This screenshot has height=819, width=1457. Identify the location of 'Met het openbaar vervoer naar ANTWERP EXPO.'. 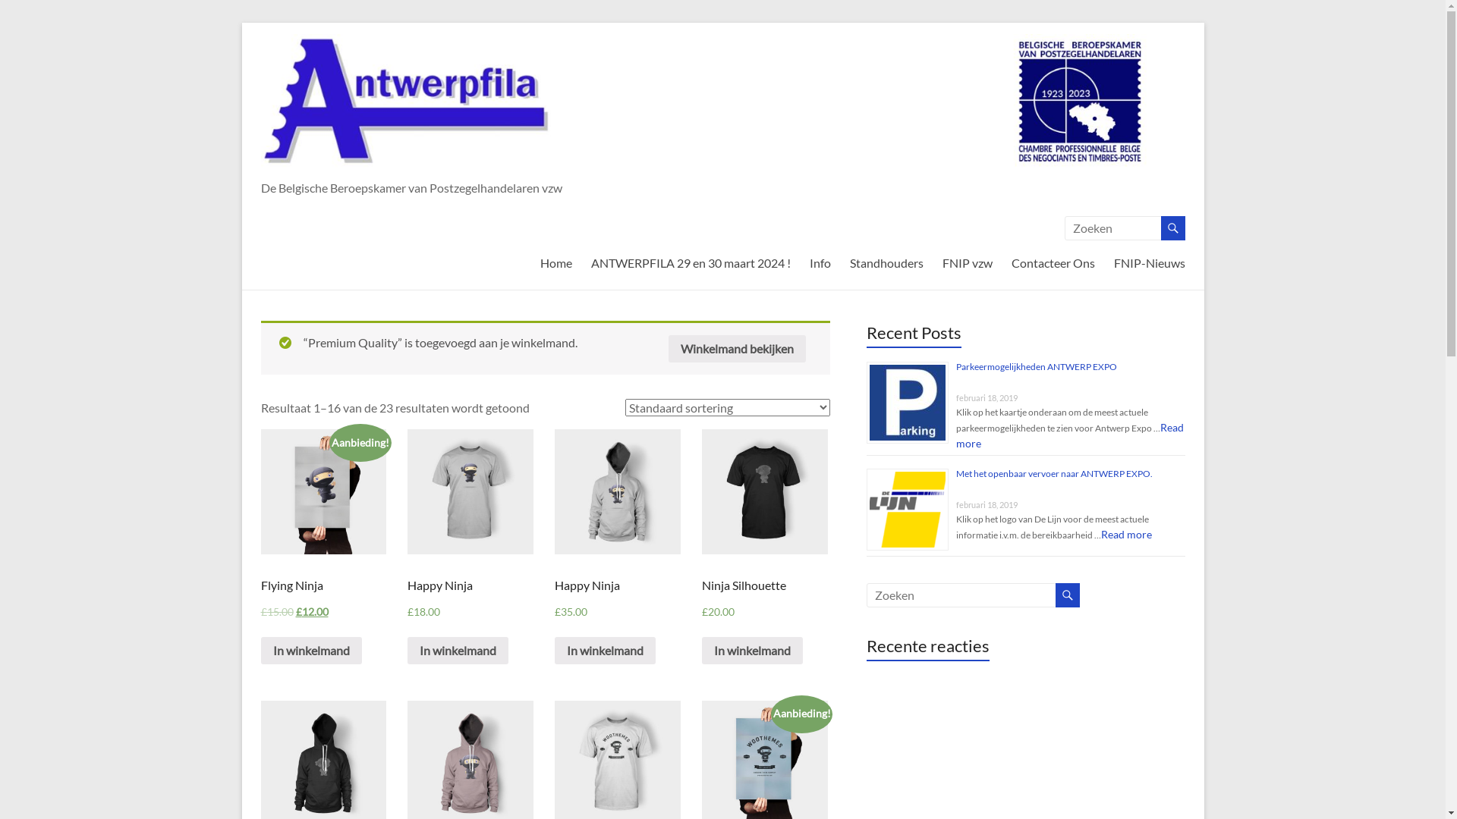
(955, 472).